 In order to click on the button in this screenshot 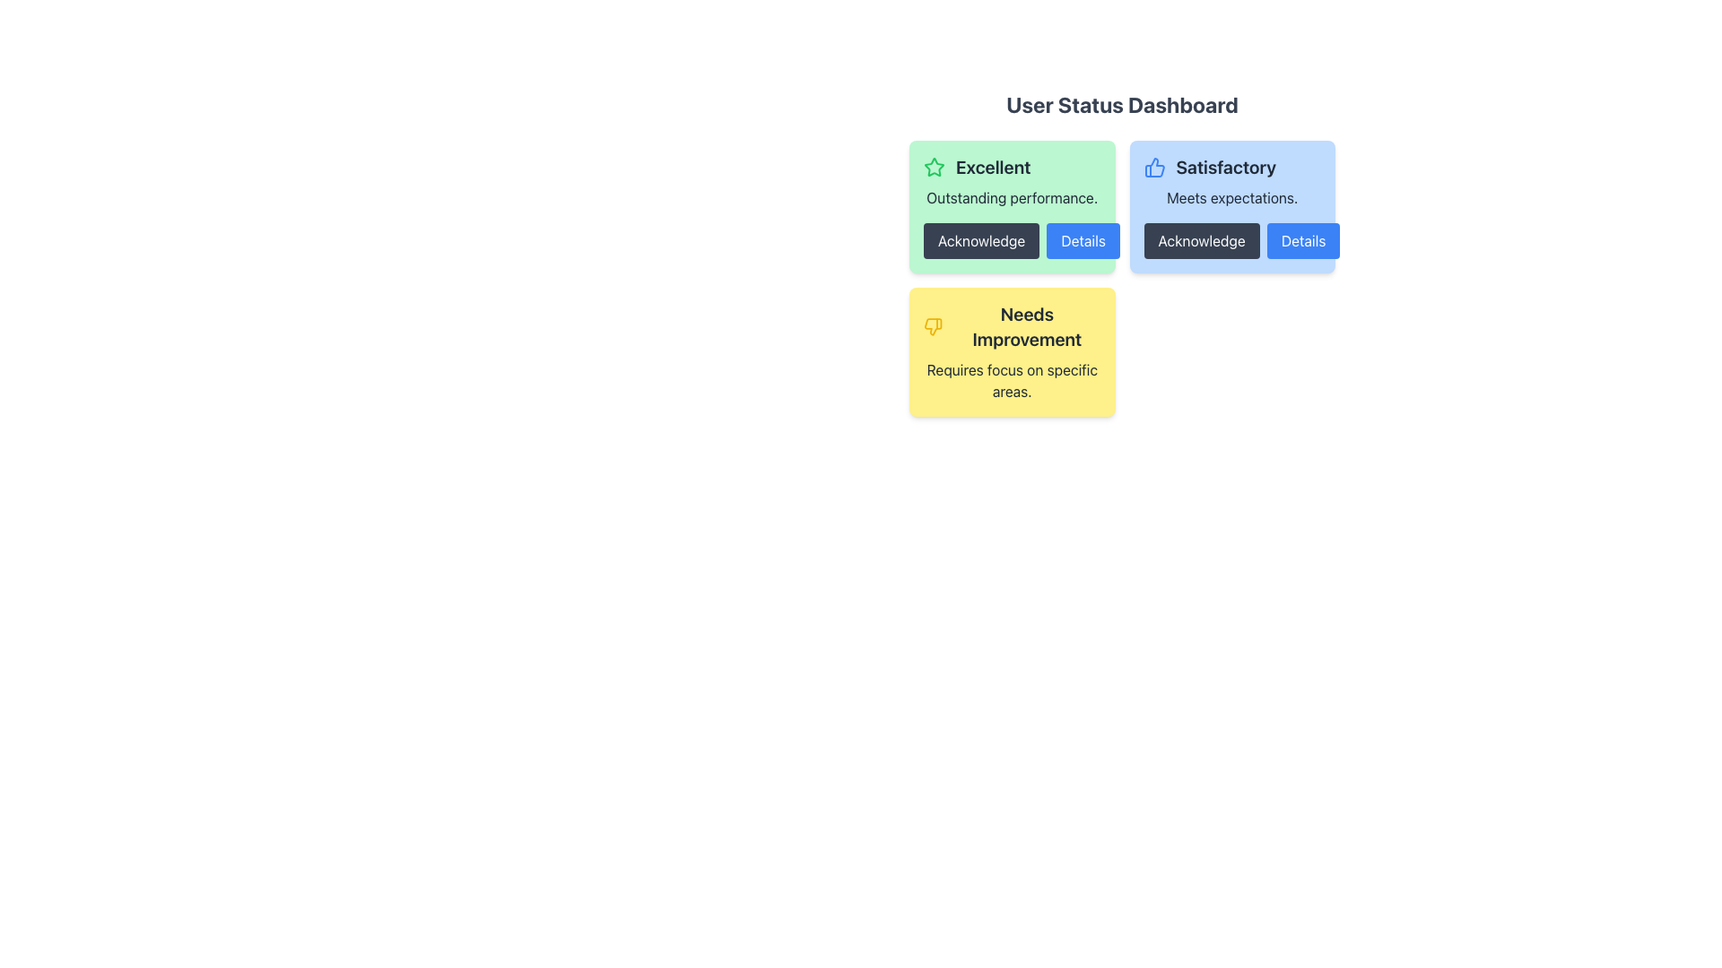, I will do `click(1303, 240)`.